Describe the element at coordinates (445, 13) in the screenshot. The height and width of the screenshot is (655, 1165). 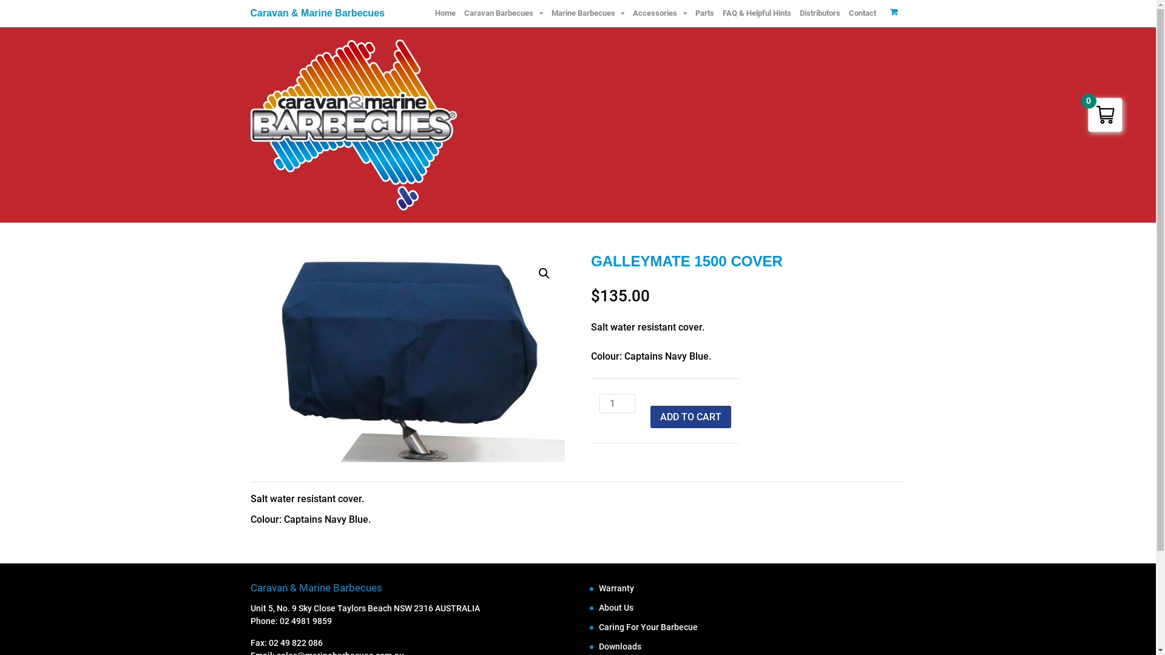
I see `'Home'` at that location.